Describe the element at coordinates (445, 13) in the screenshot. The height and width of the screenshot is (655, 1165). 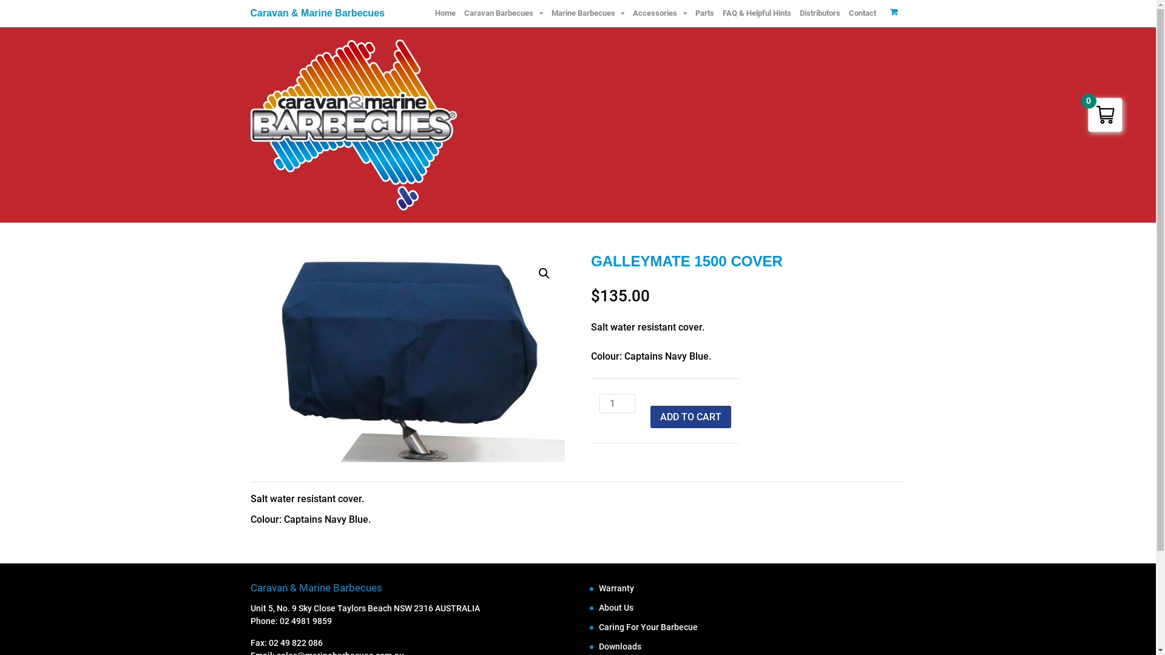
I see `'Home'` at that location.